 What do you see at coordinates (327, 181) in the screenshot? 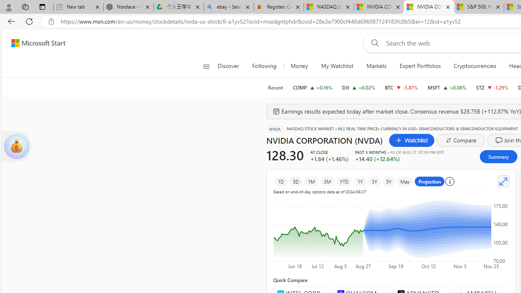
I see `'3M'` at bounding box center [327, 181].